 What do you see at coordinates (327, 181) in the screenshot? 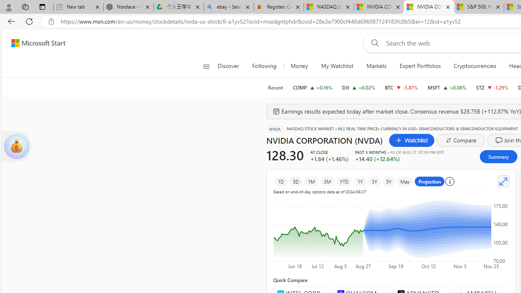
I see `'3M'` at bounding box center [327, 181].